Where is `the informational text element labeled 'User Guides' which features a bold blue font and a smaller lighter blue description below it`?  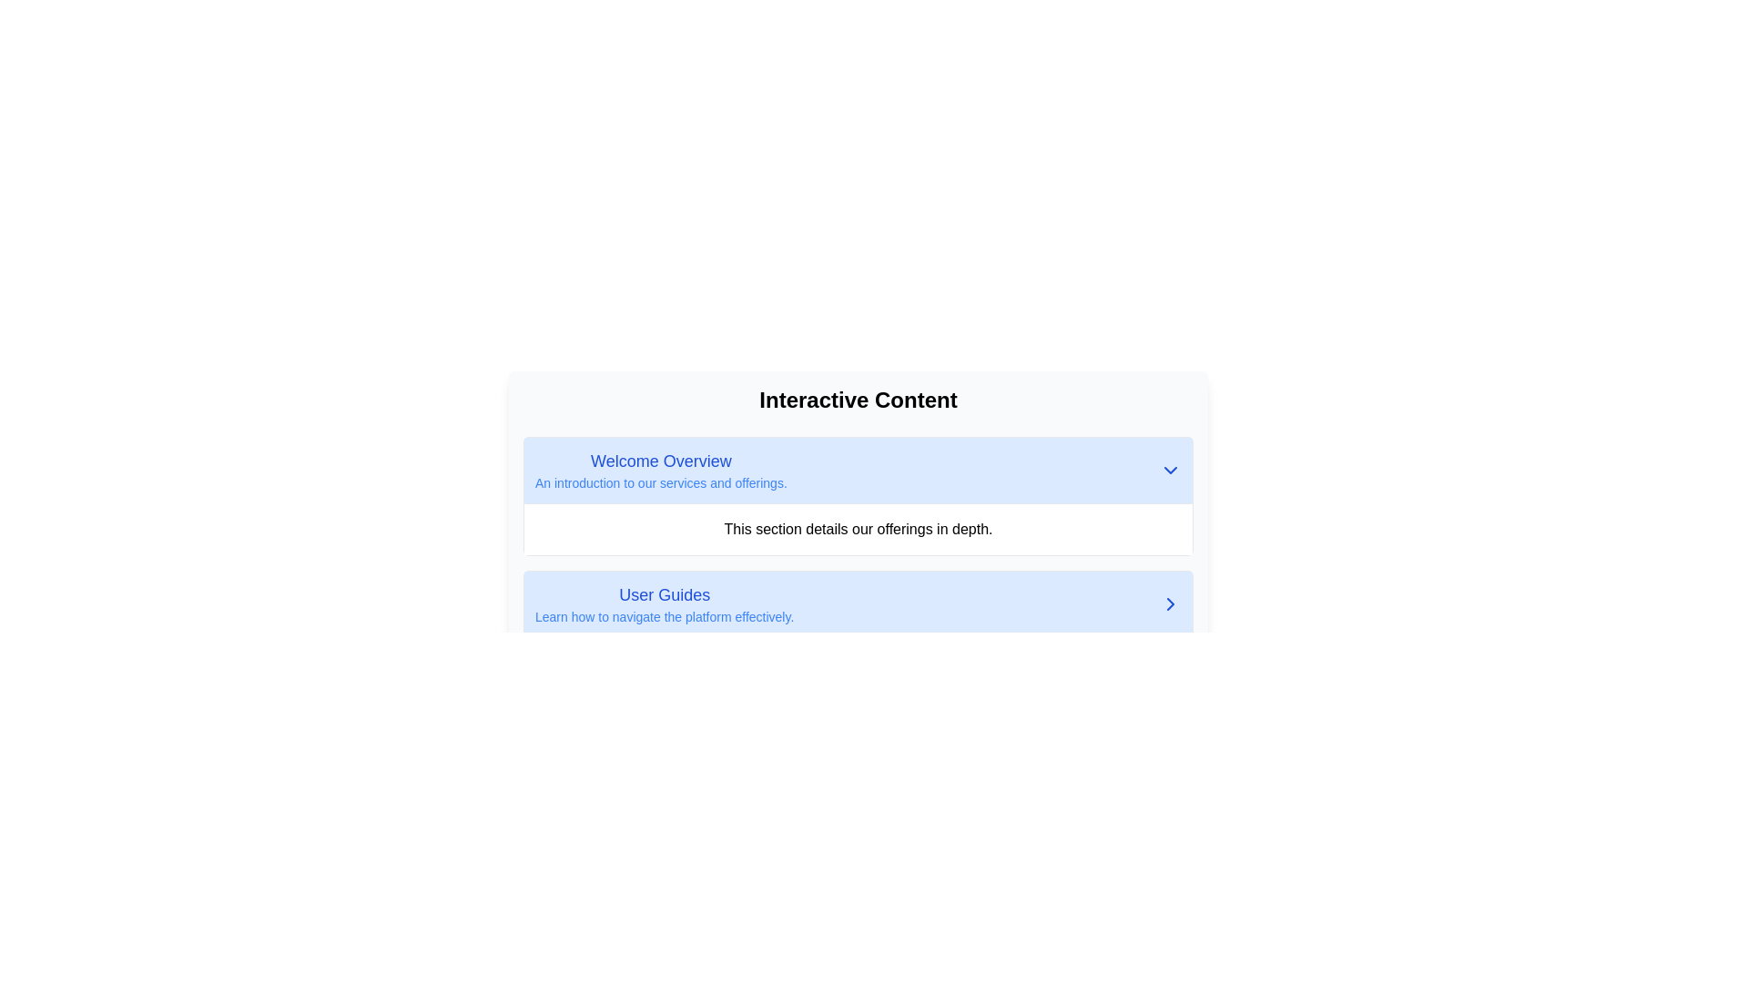
the informational text element labeled 'User Guides' which features a bold blue font and a smaller lighter blue description below it is located at coordinates (664, 603).